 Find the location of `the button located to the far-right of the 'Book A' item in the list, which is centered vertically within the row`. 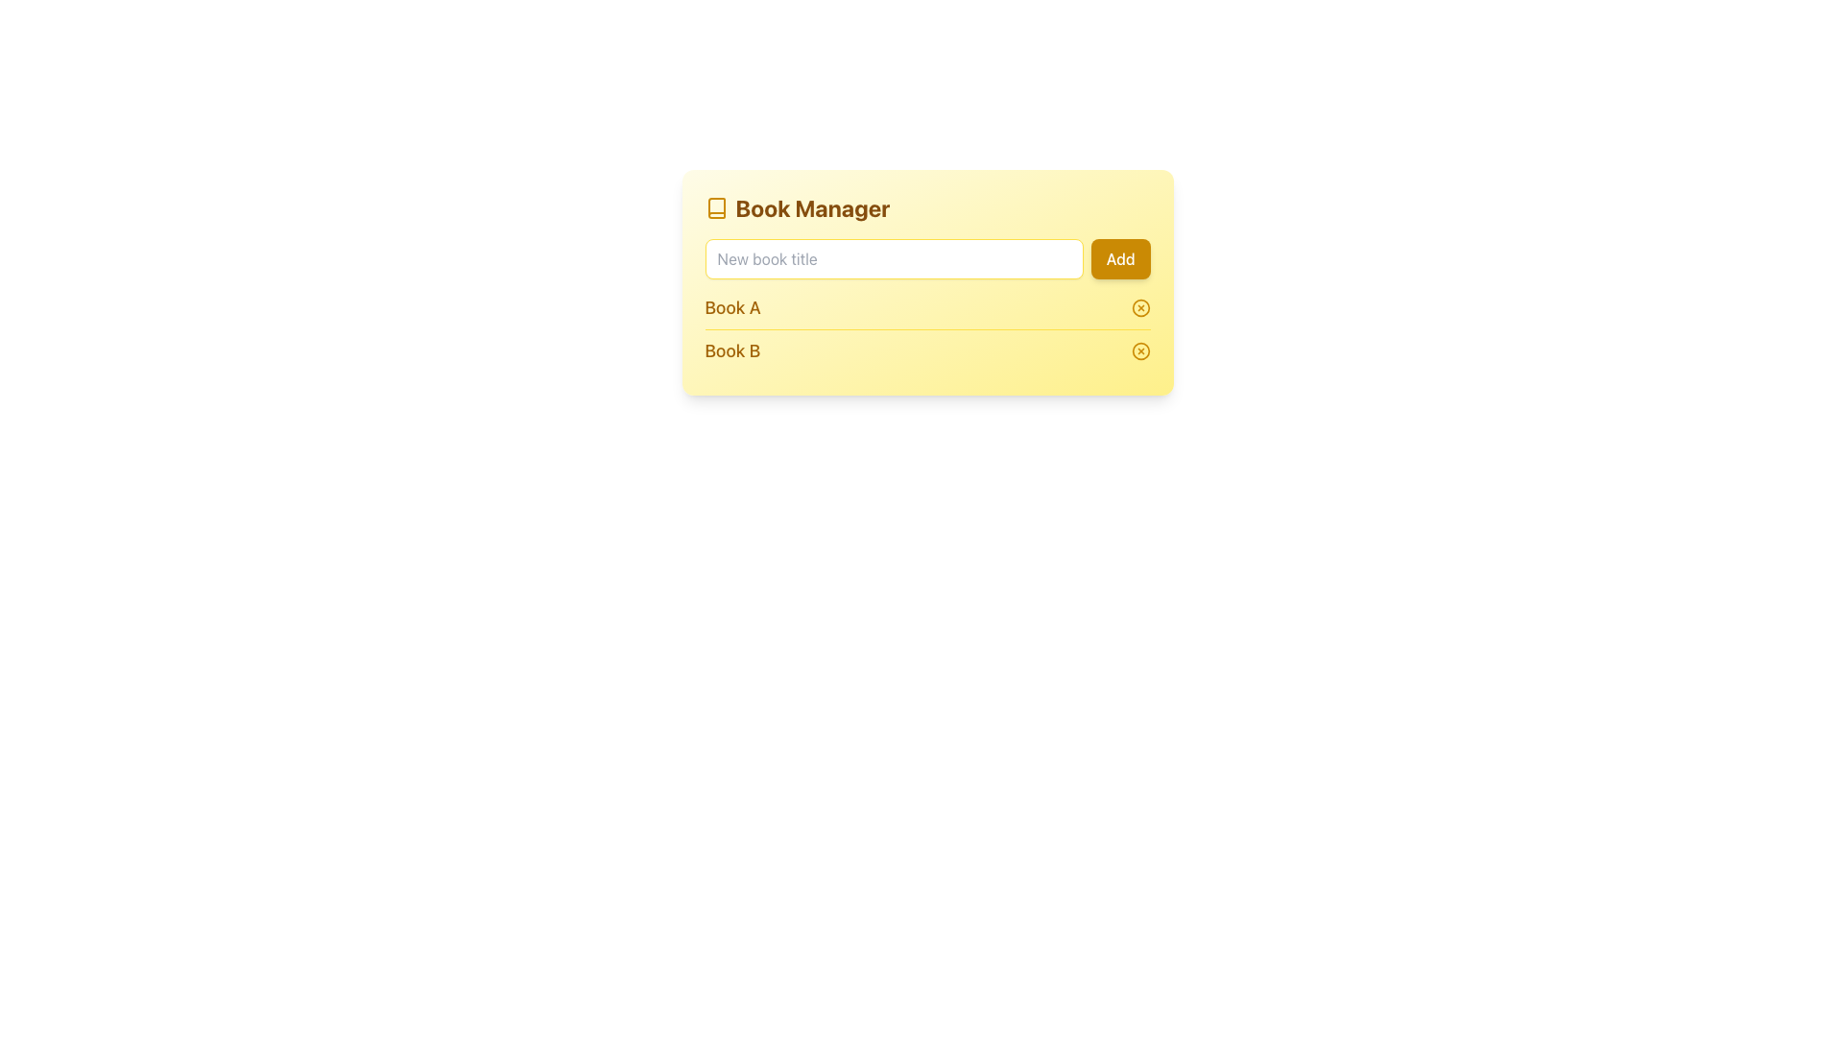

the button located to the far-right of the 'Book A' item in the list, which is centered vertically within the row is located at coordinates (1140, 306).